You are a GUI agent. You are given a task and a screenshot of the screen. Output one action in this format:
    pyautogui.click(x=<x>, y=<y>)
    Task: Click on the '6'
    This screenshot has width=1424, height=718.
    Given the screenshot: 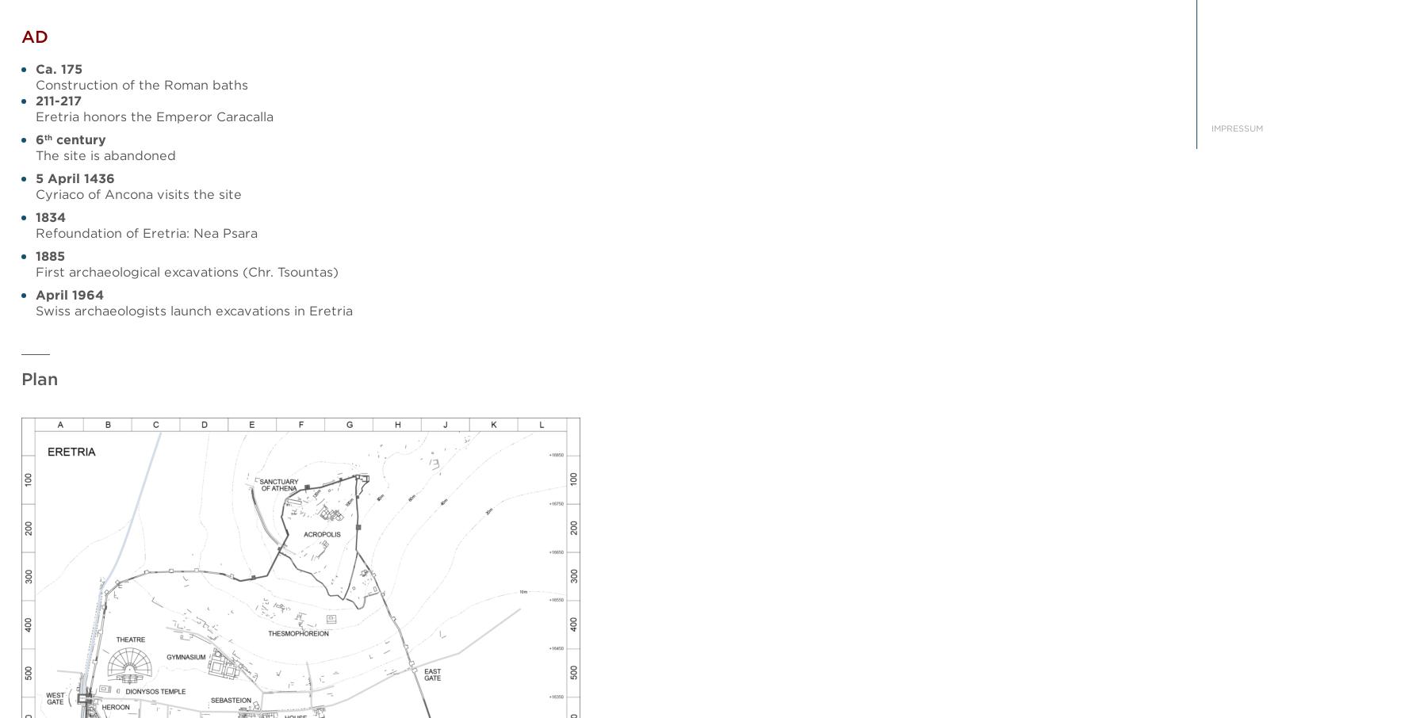 What is the action you would take?
    pyautogui.click(x=39, y=139)
    